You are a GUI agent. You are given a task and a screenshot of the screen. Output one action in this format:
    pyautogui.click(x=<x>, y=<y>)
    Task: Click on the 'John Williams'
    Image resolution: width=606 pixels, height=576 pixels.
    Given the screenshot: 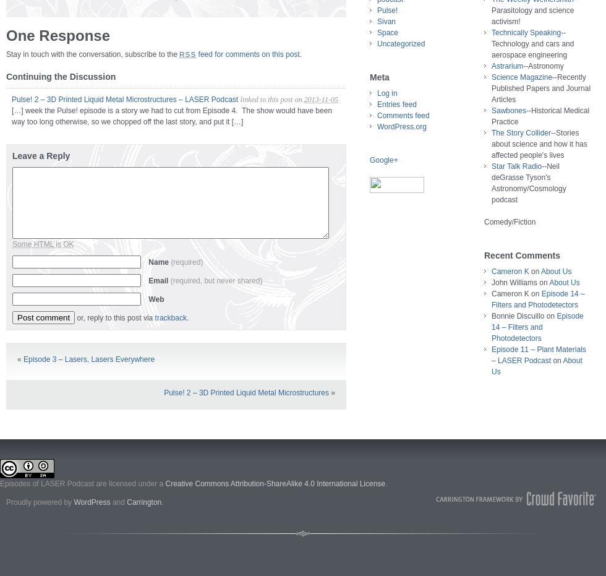 What is the action you would take?
    pyautogui.click(x=514, y=282)
    